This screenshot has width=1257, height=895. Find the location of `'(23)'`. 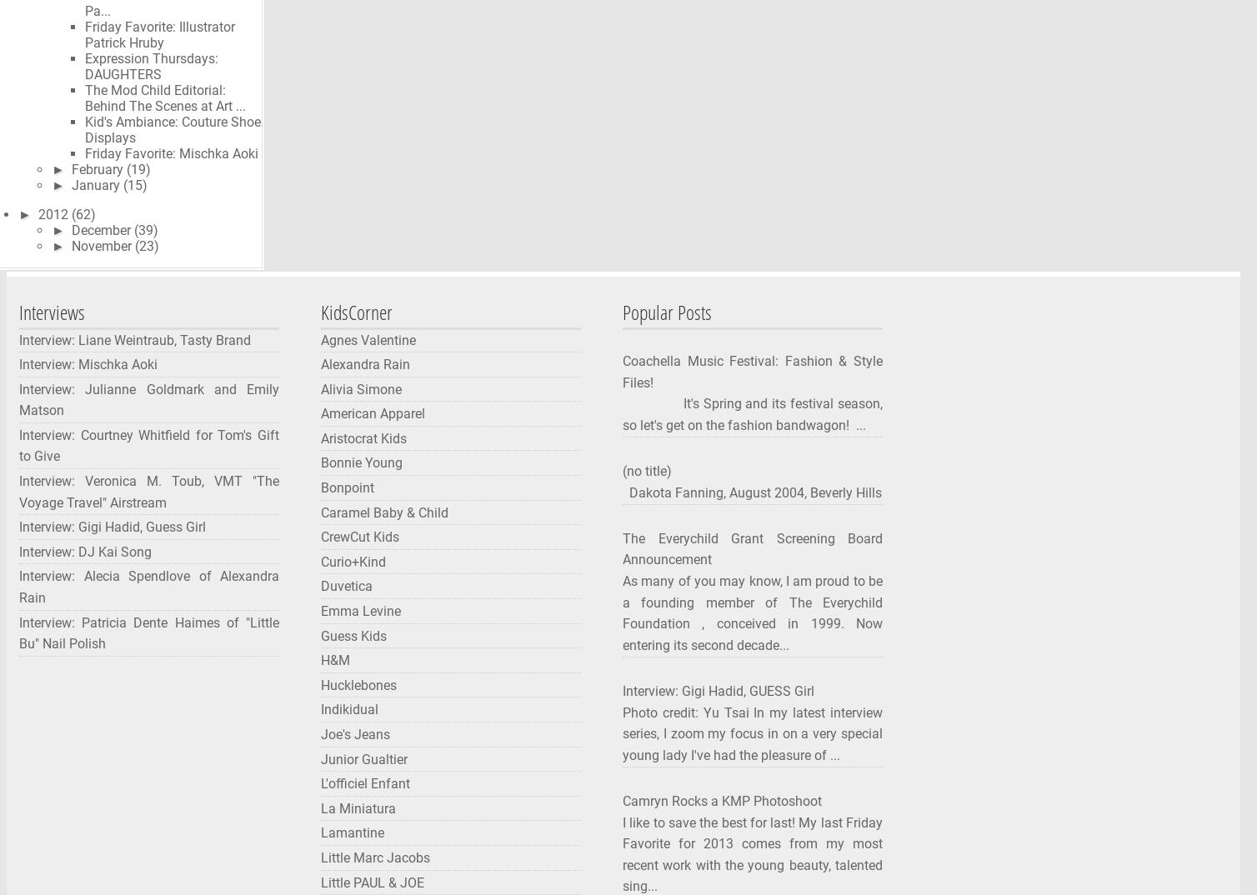

'(23)' is located at coordinates (146, 245).